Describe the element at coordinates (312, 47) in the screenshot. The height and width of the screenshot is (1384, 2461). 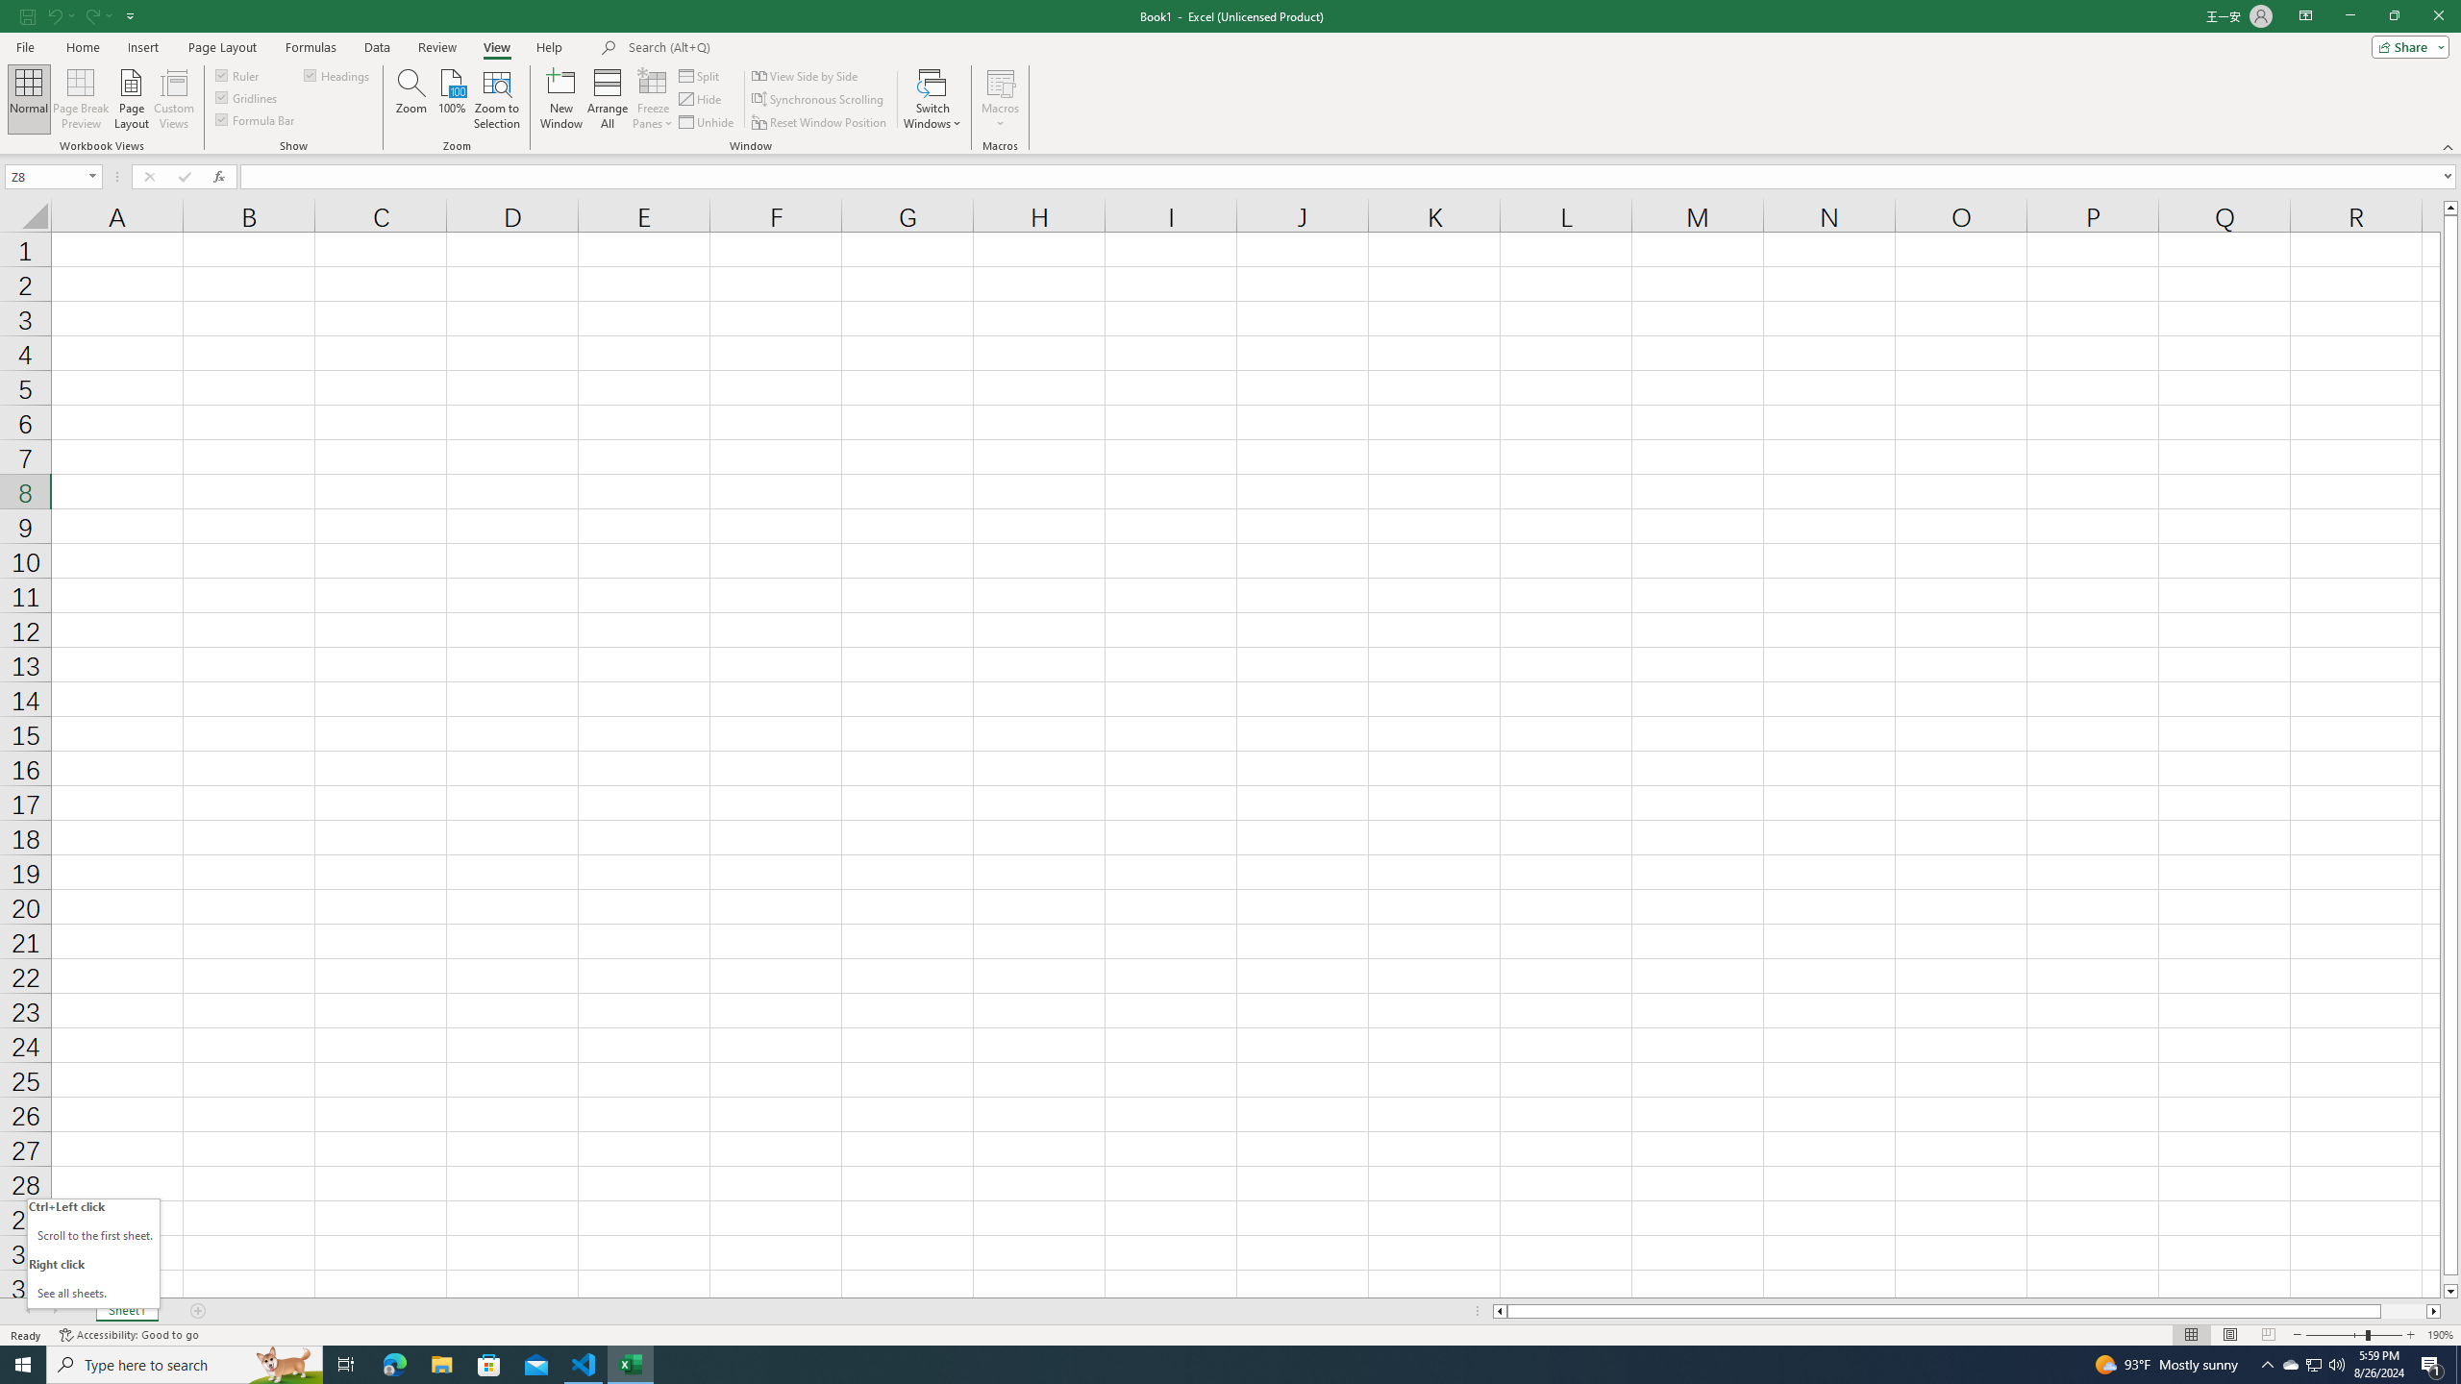
I see `'Formulas'` at that location.